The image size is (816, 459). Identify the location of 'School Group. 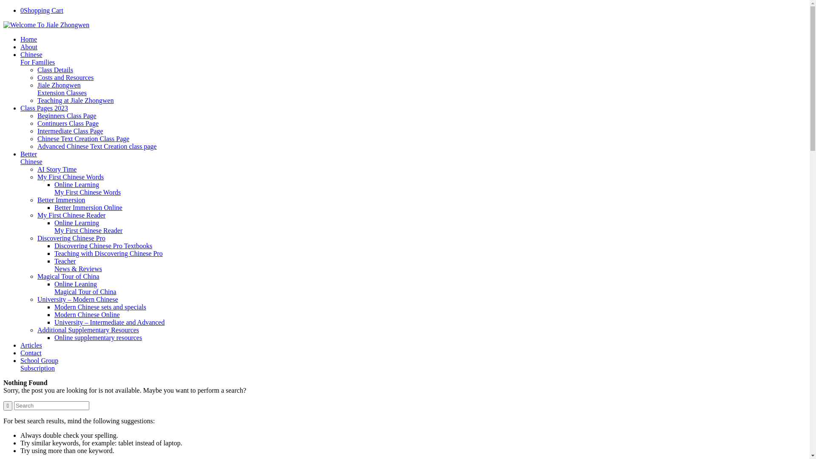
(39, 364).